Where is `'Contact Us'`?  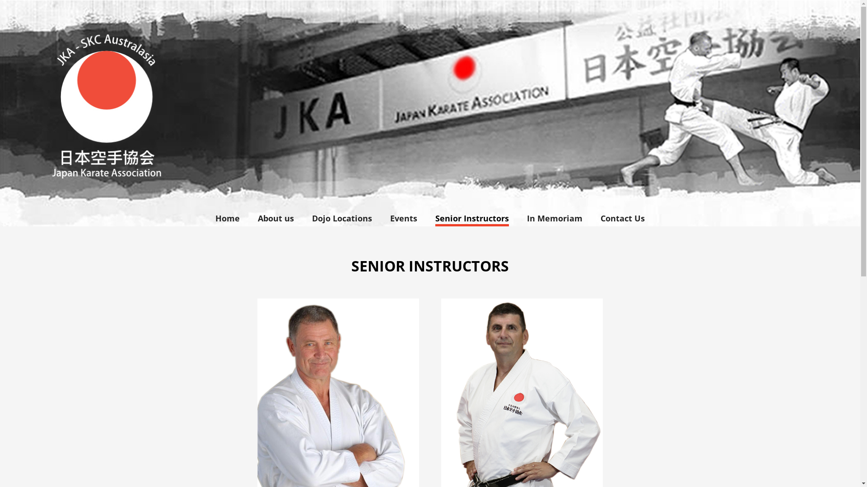
'Contact Us' is located at coordinates (592, 218).